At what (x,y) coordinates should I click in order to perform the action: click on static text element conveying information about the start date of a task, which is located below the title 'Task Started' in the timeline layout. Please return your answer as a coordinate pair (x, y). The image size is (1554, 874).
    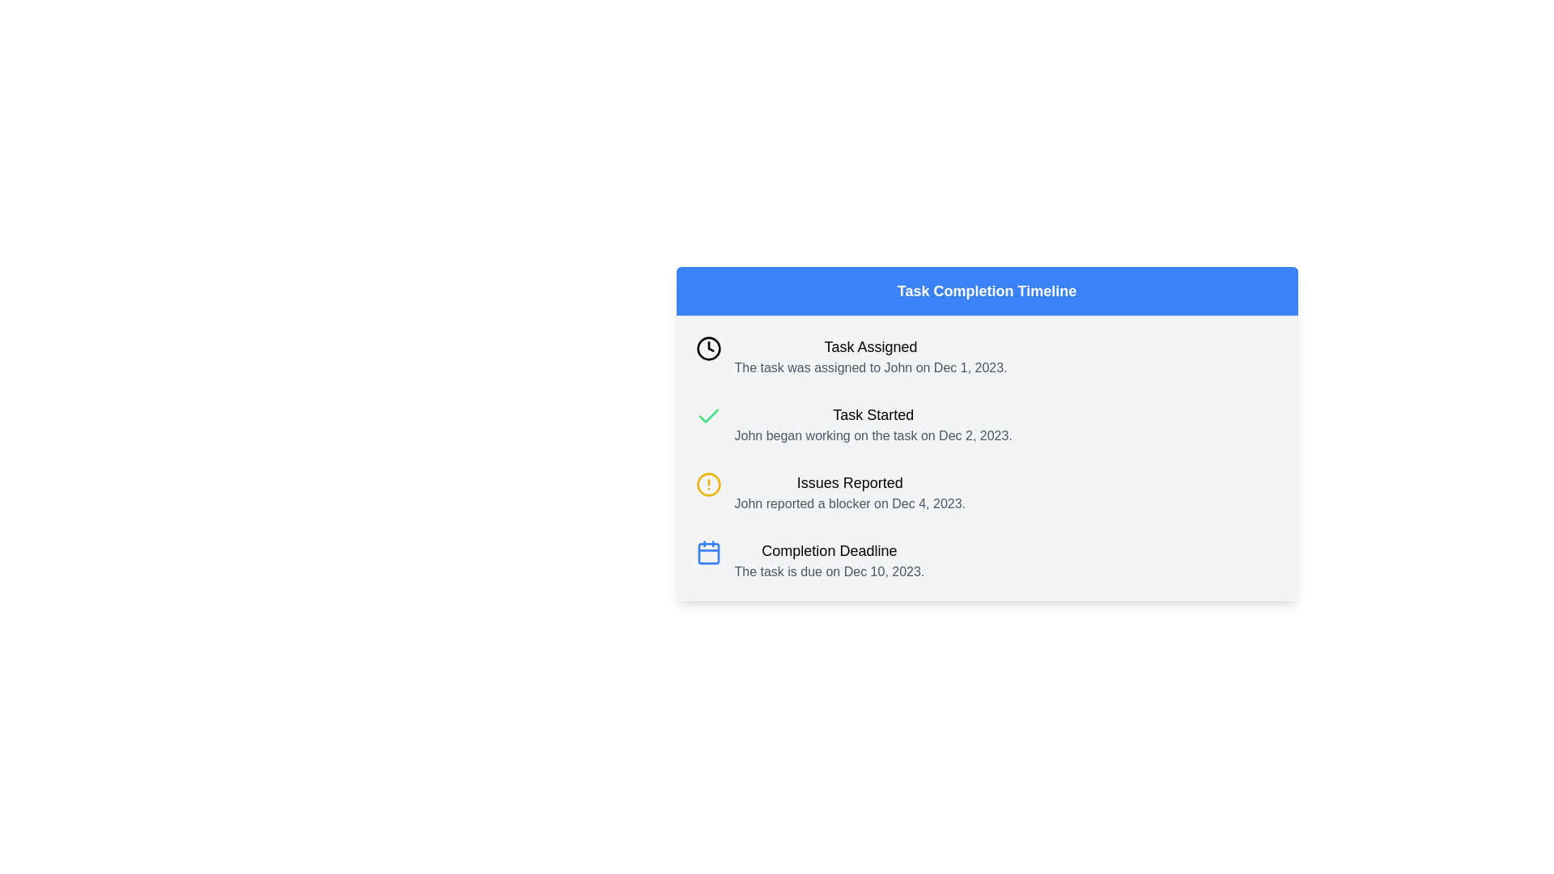
    Looking at the image, I should click on (873, 435).